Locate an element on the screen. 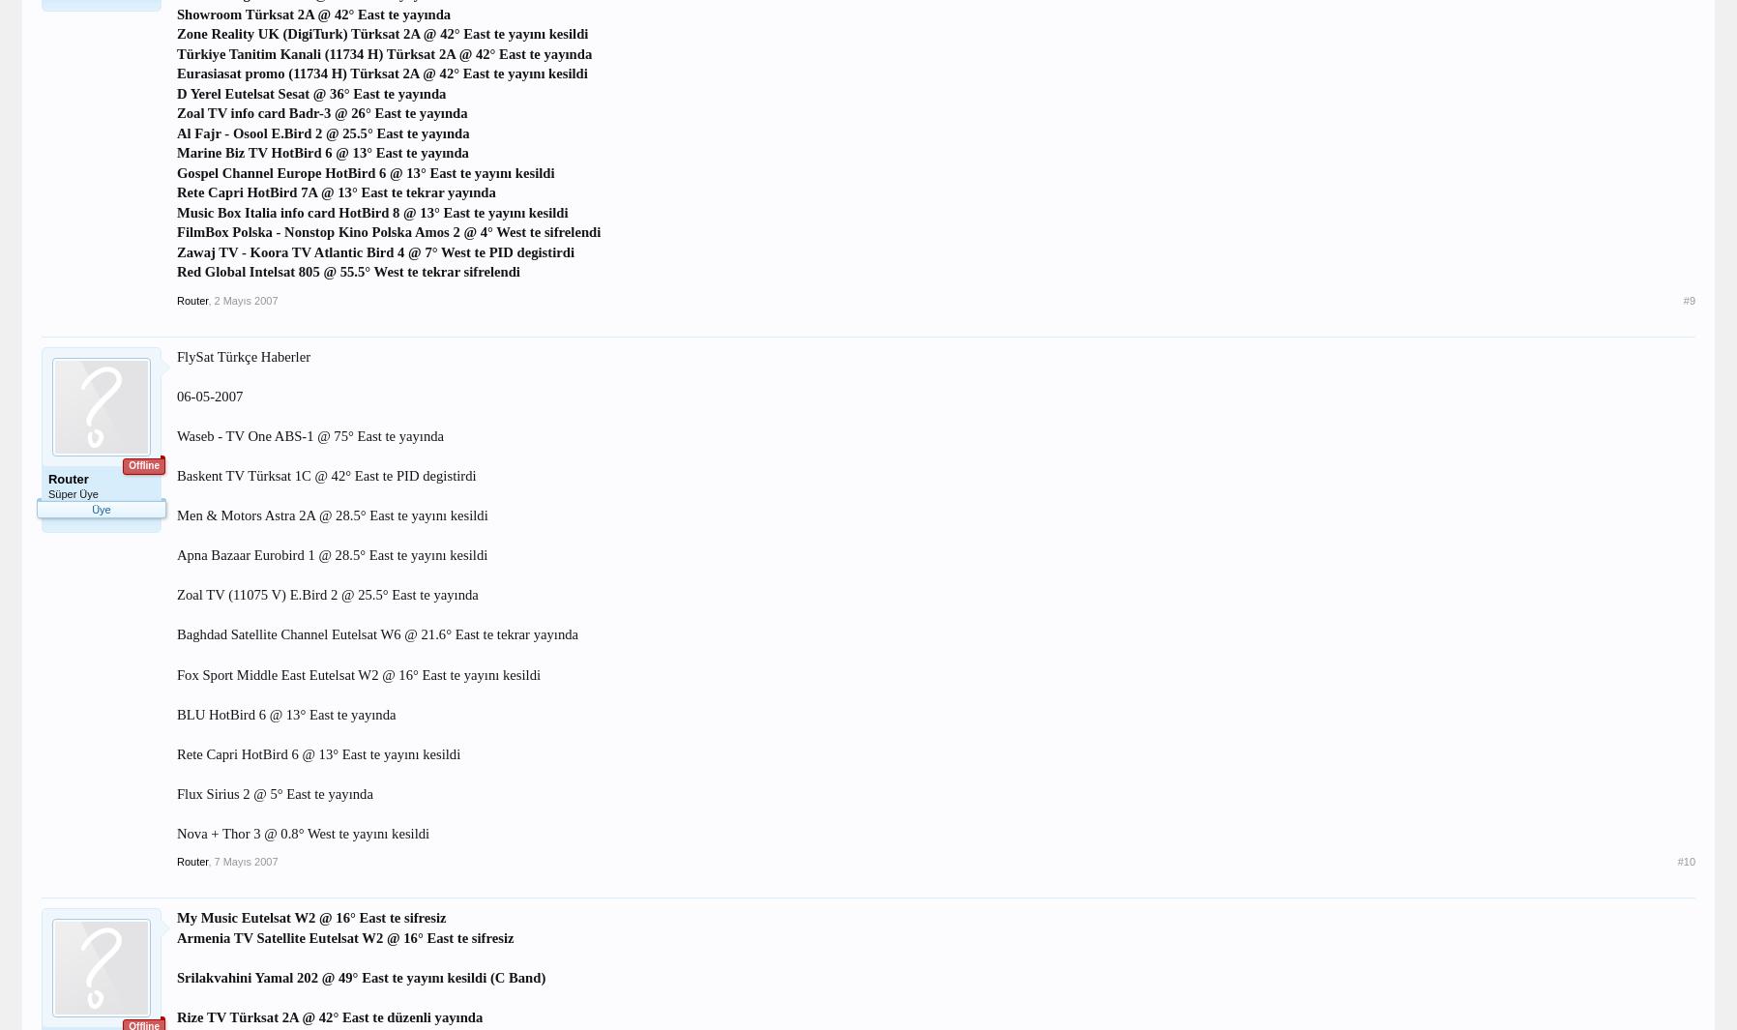 The height and width of the screenshot is (1030, 1737). 'Baghdad Satellite Channel Eutelsat W6 @ 21.6° East te tekrar yayında' is located at coordinates (376, 634).